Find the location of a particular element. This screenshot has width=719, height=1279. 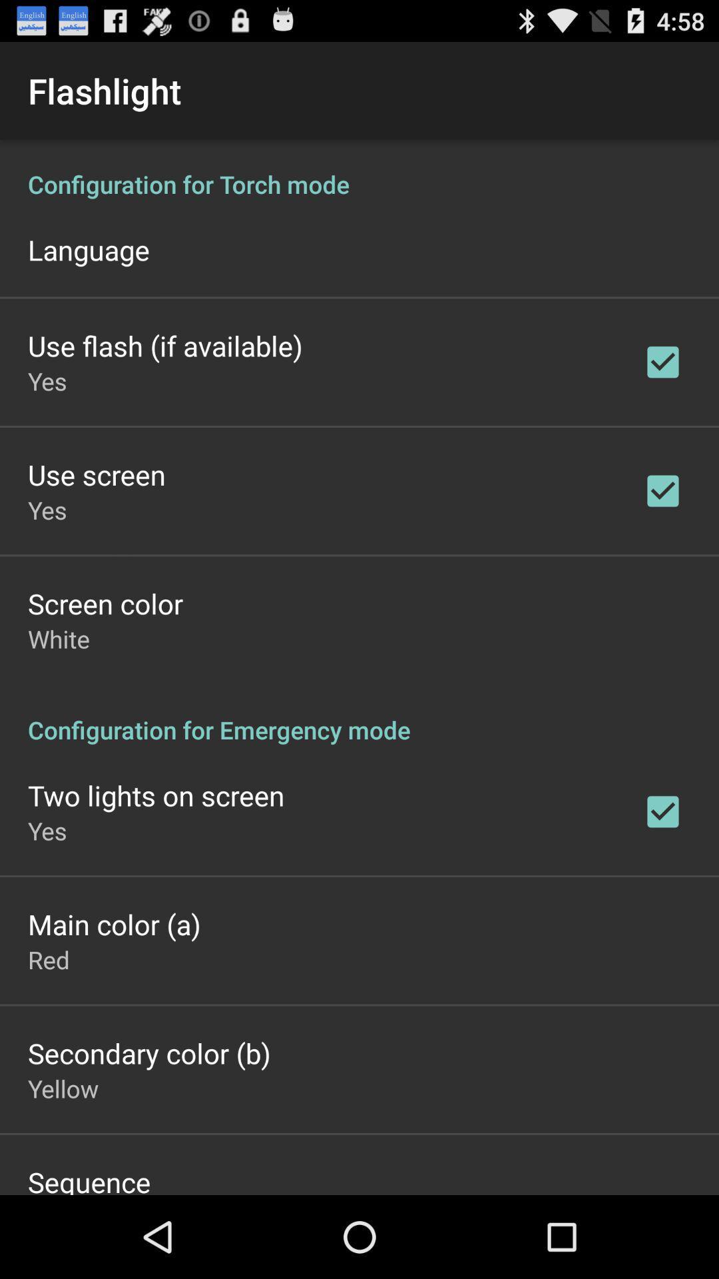

icon above configuration for emergency is located at coordinates (58, 638).